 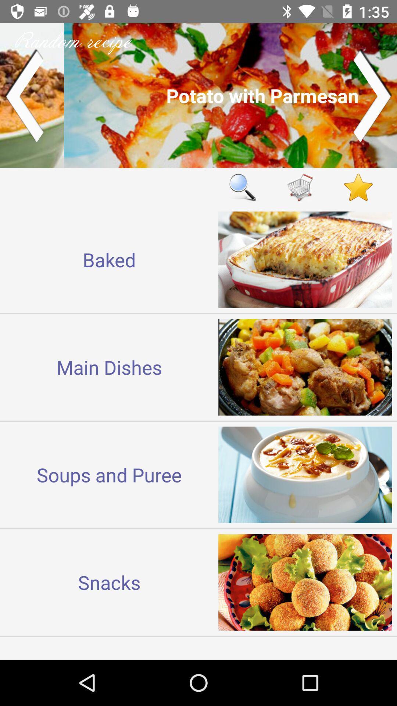 What do you see at coordinates (300, 187) in the screenshot?
I see `the cart icon` at bounding box center [300, 187].